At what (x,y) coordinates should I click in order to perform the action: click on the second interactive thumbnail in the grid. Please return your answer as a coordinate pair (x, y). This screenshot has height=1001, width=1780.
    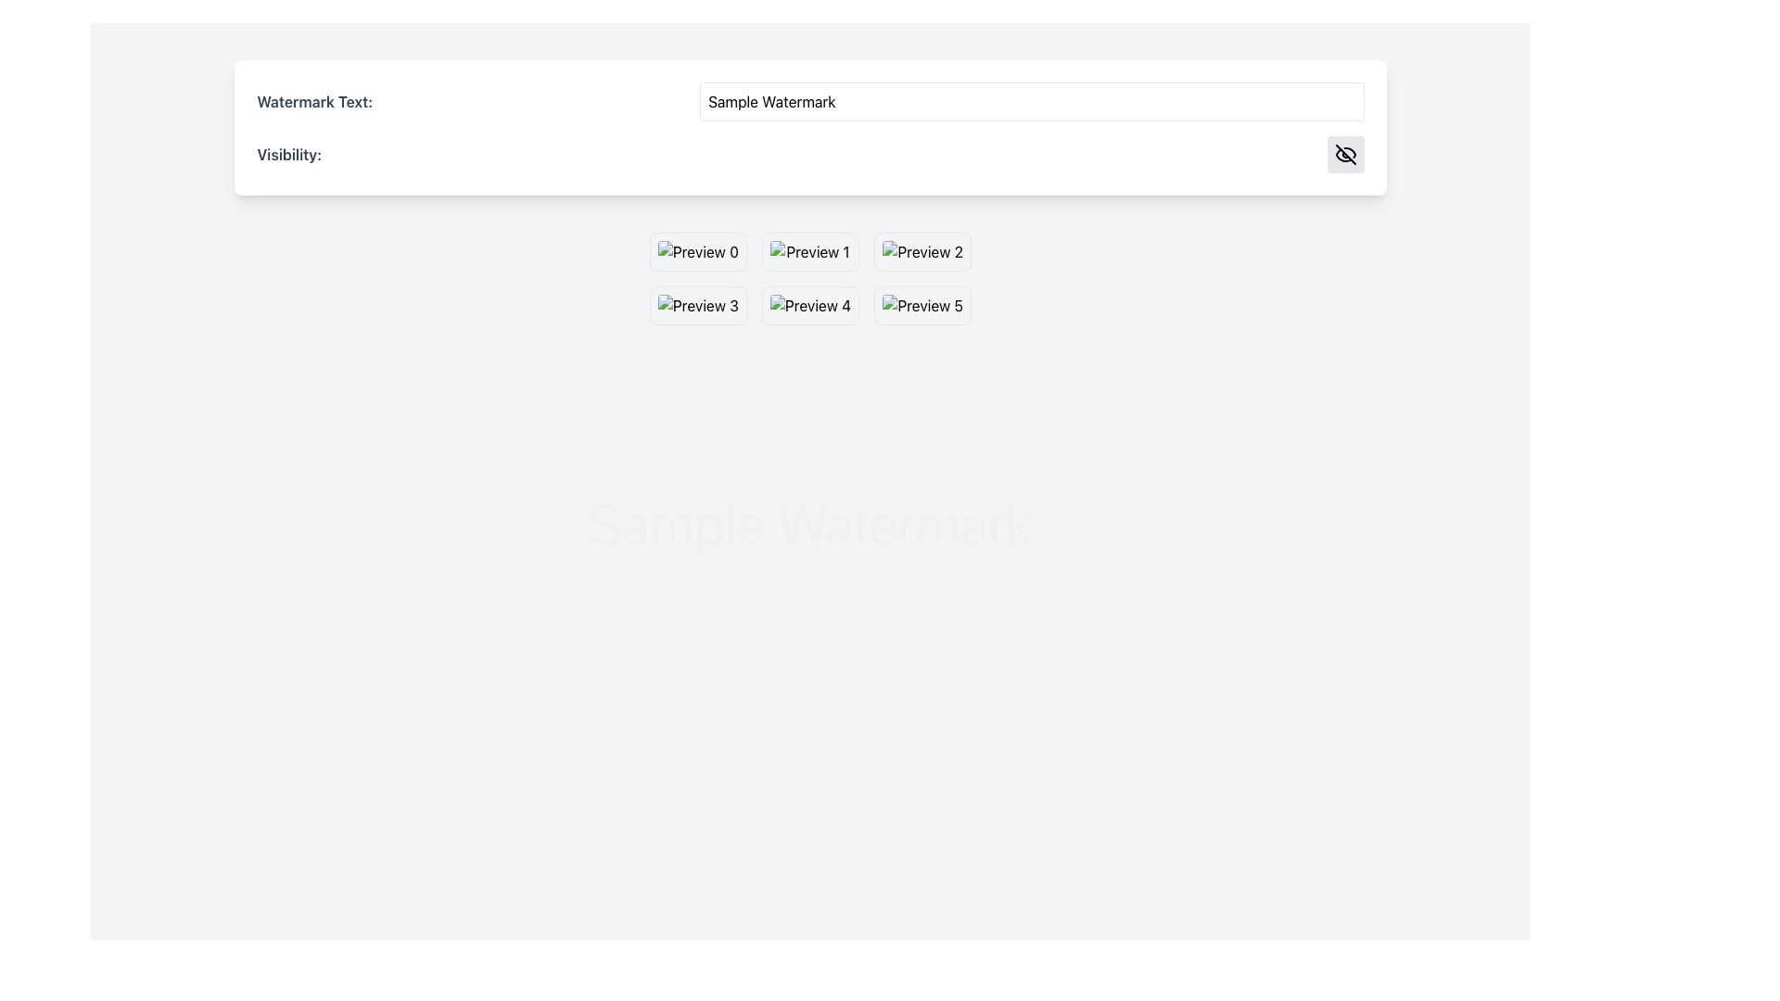
    Looking at the image, I should click on (810, 252).